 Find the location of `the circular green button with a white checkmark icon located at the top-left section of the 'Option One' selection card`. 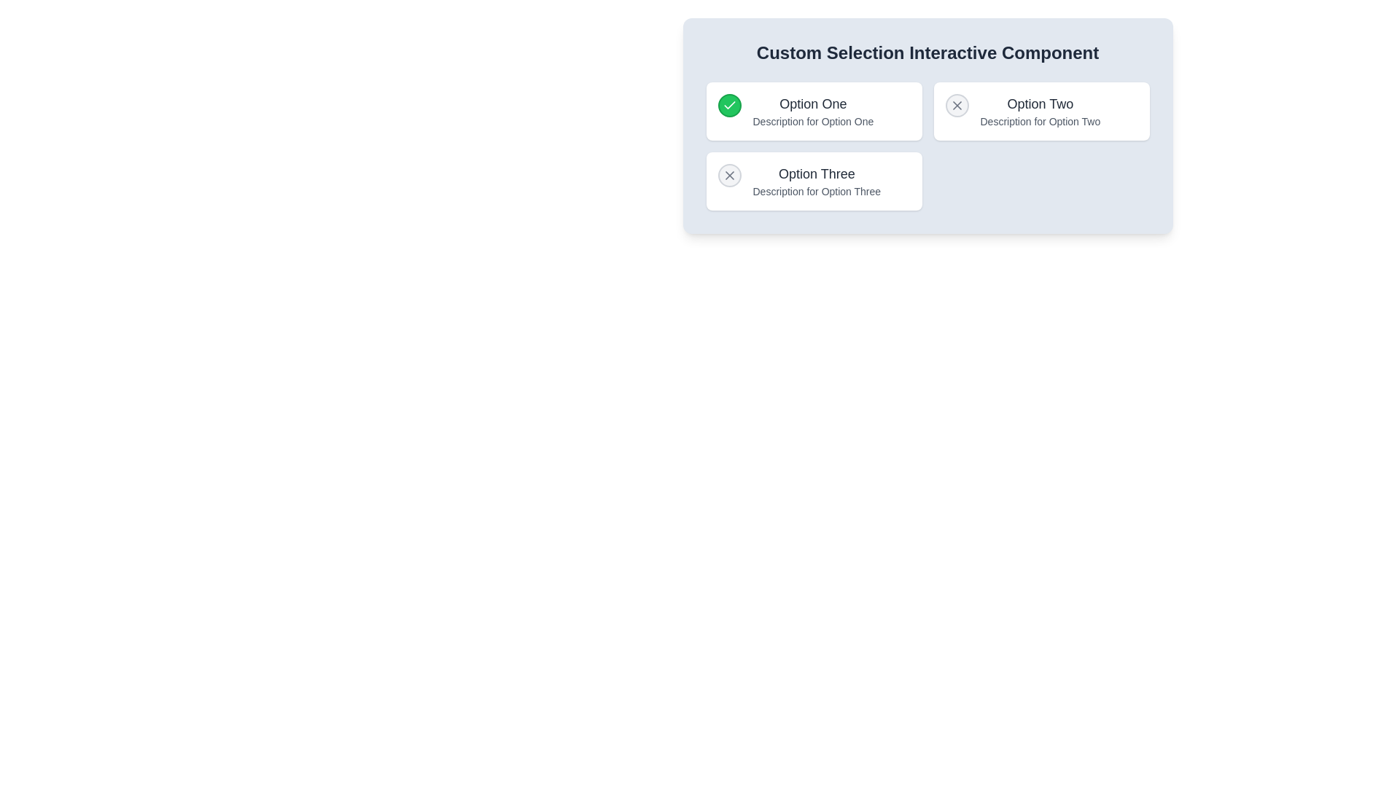

the circular green button with a white checkmark icon located at the top-left section of the 'Option One' selection card is located at coordinates (729, 105).